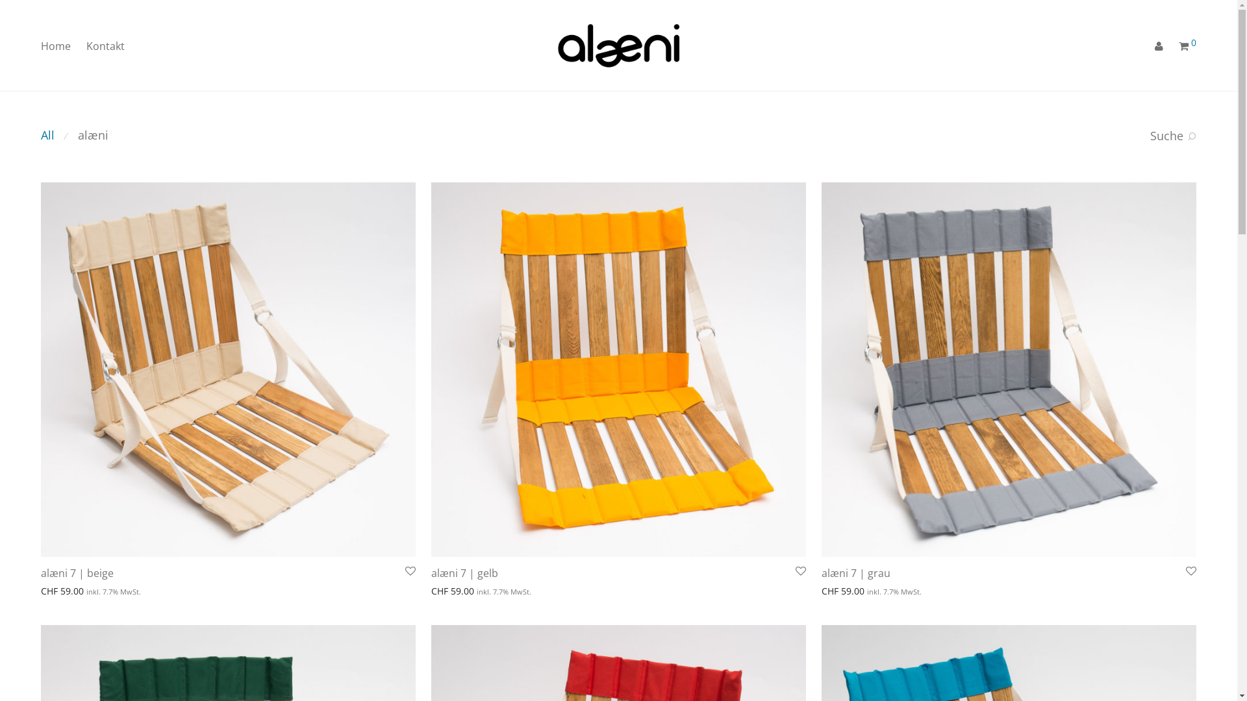 The width and height of the screenshot is (1247, 701). Describe the element at coordinates (105, 45) in the screenshot. I see `'Kontakt'` at that location.